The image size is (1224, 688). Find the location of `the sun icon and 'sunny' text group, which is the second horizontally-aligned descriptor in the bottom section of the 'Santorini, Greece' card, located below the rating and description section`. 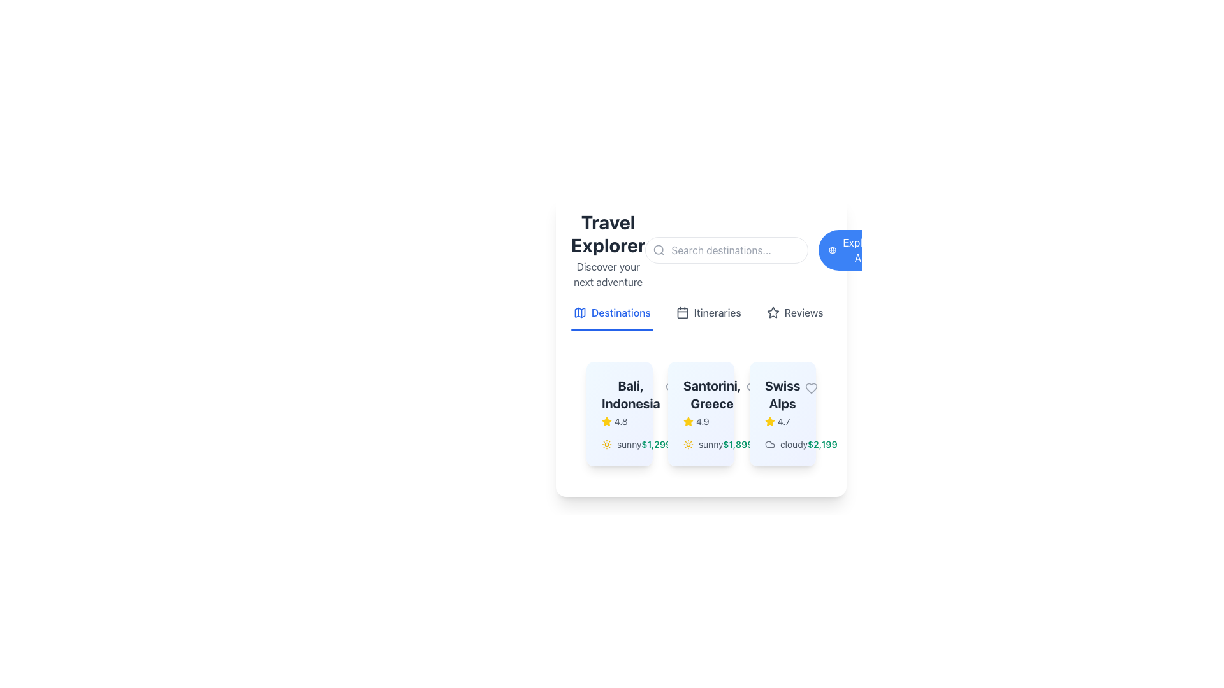

the sun icon and 'sunny' text group, which is the second horizontally-aligned descriptor in the bottom section of the 'Santorini, Greece' card, located below the rating and description section is located at coordinates (700, 444).